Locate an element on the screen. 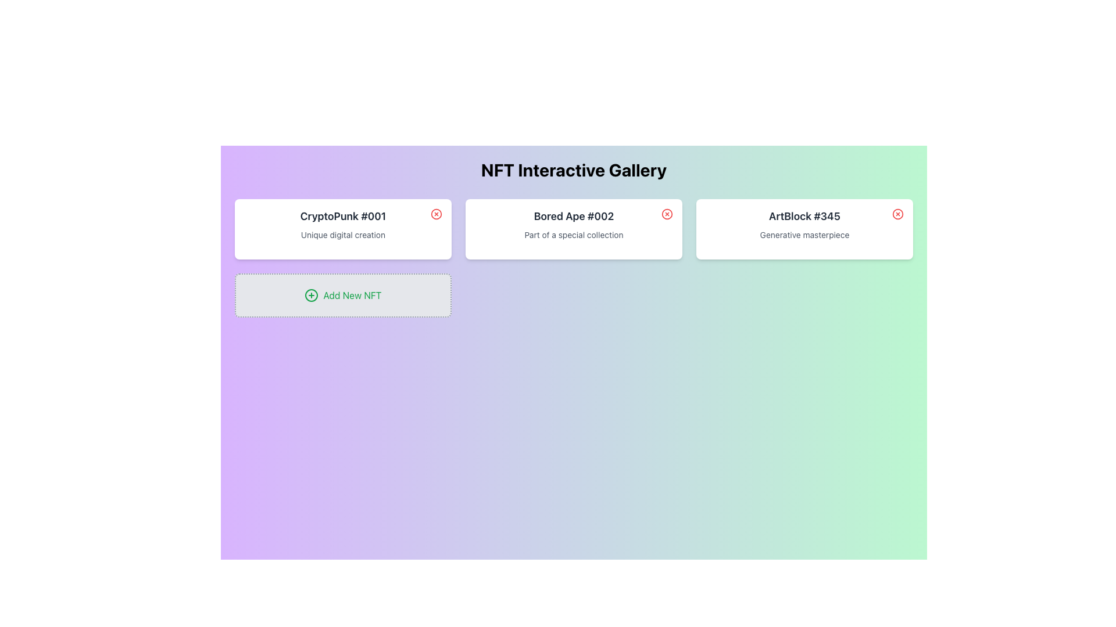 The width and height of the screenshot is (1116, 627). text label displaying 'ArtBlock #345', which is bold, centered, and located within a rectangular card with a white background is located at coordinates (804, 217).